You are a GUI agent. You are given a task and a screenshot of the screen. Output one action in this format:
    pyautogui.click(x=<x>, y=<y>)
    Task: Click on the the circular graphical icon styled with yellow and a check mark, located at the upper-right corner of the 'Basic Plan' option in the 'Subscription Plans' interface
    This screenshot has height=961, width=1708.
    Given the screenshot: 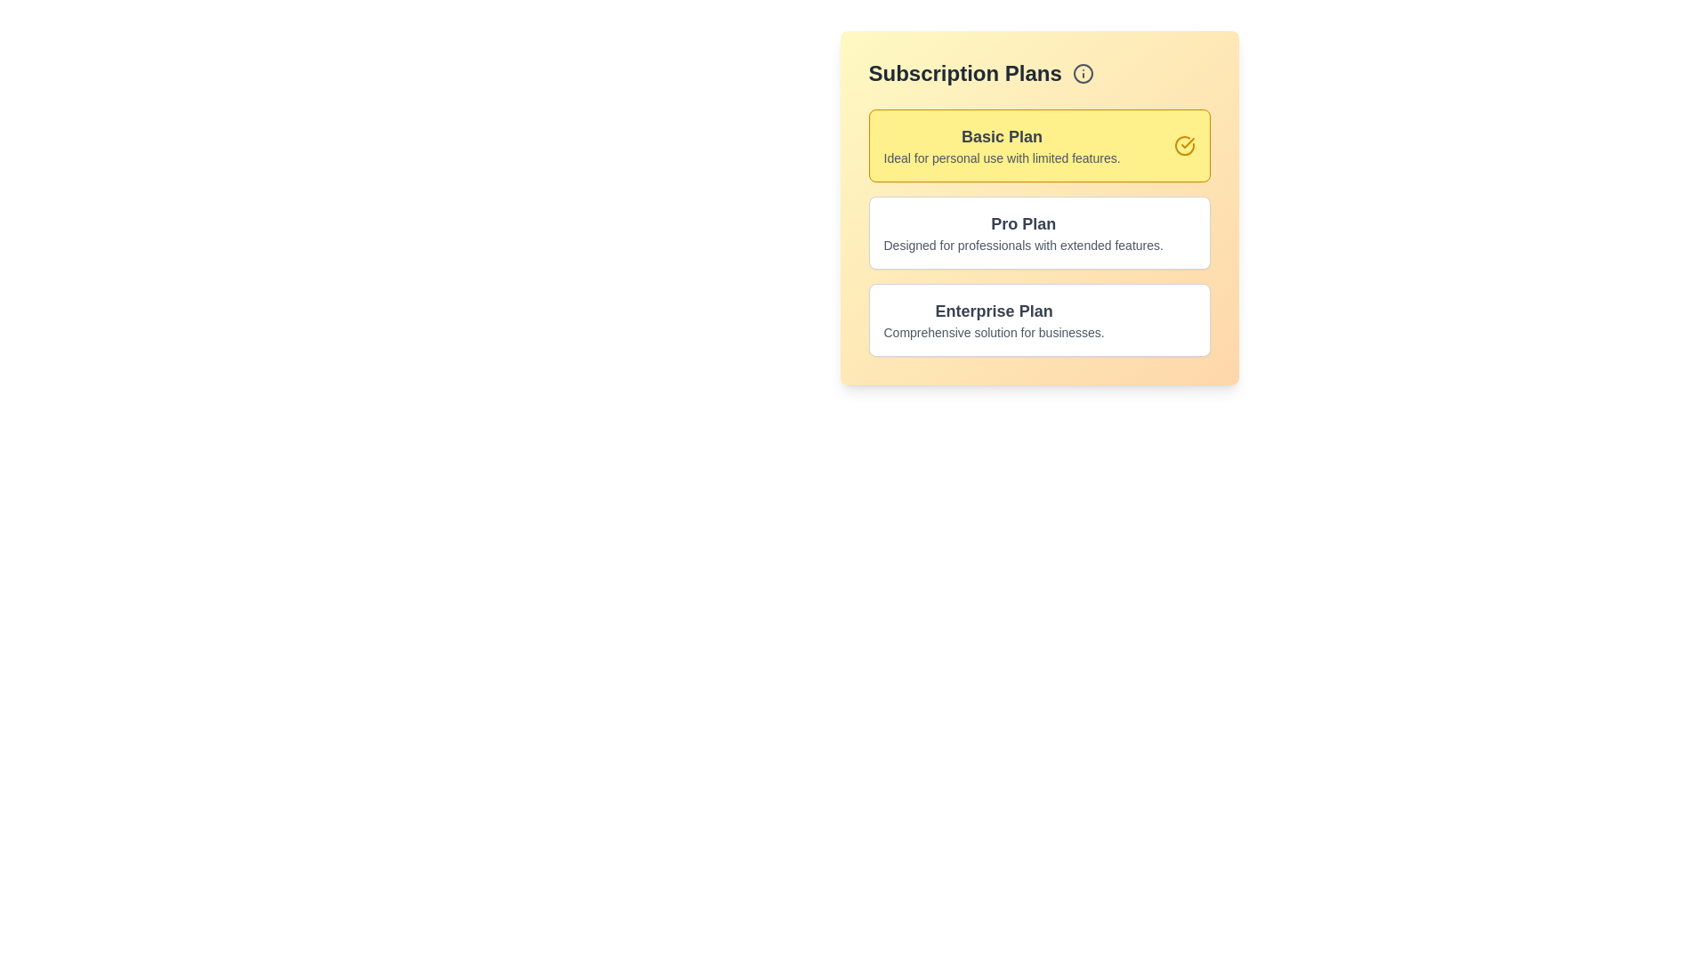 What is the action you would take?
    pyautogui.click(x=1184, y=145)
    